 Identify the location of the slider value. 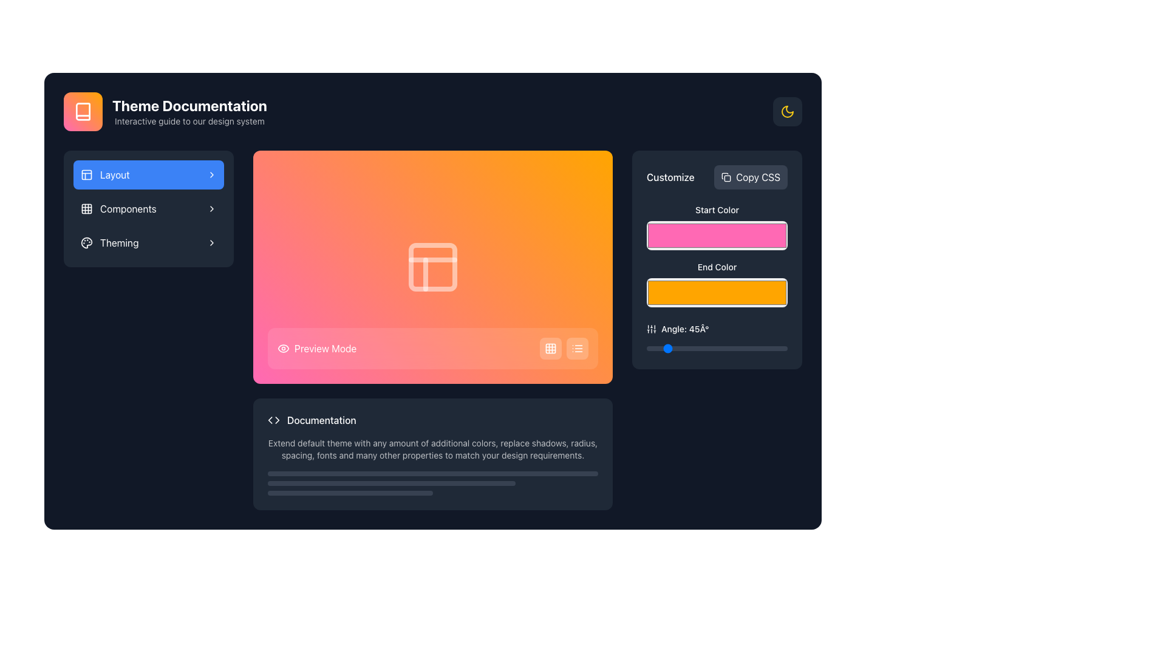
(786, 349).